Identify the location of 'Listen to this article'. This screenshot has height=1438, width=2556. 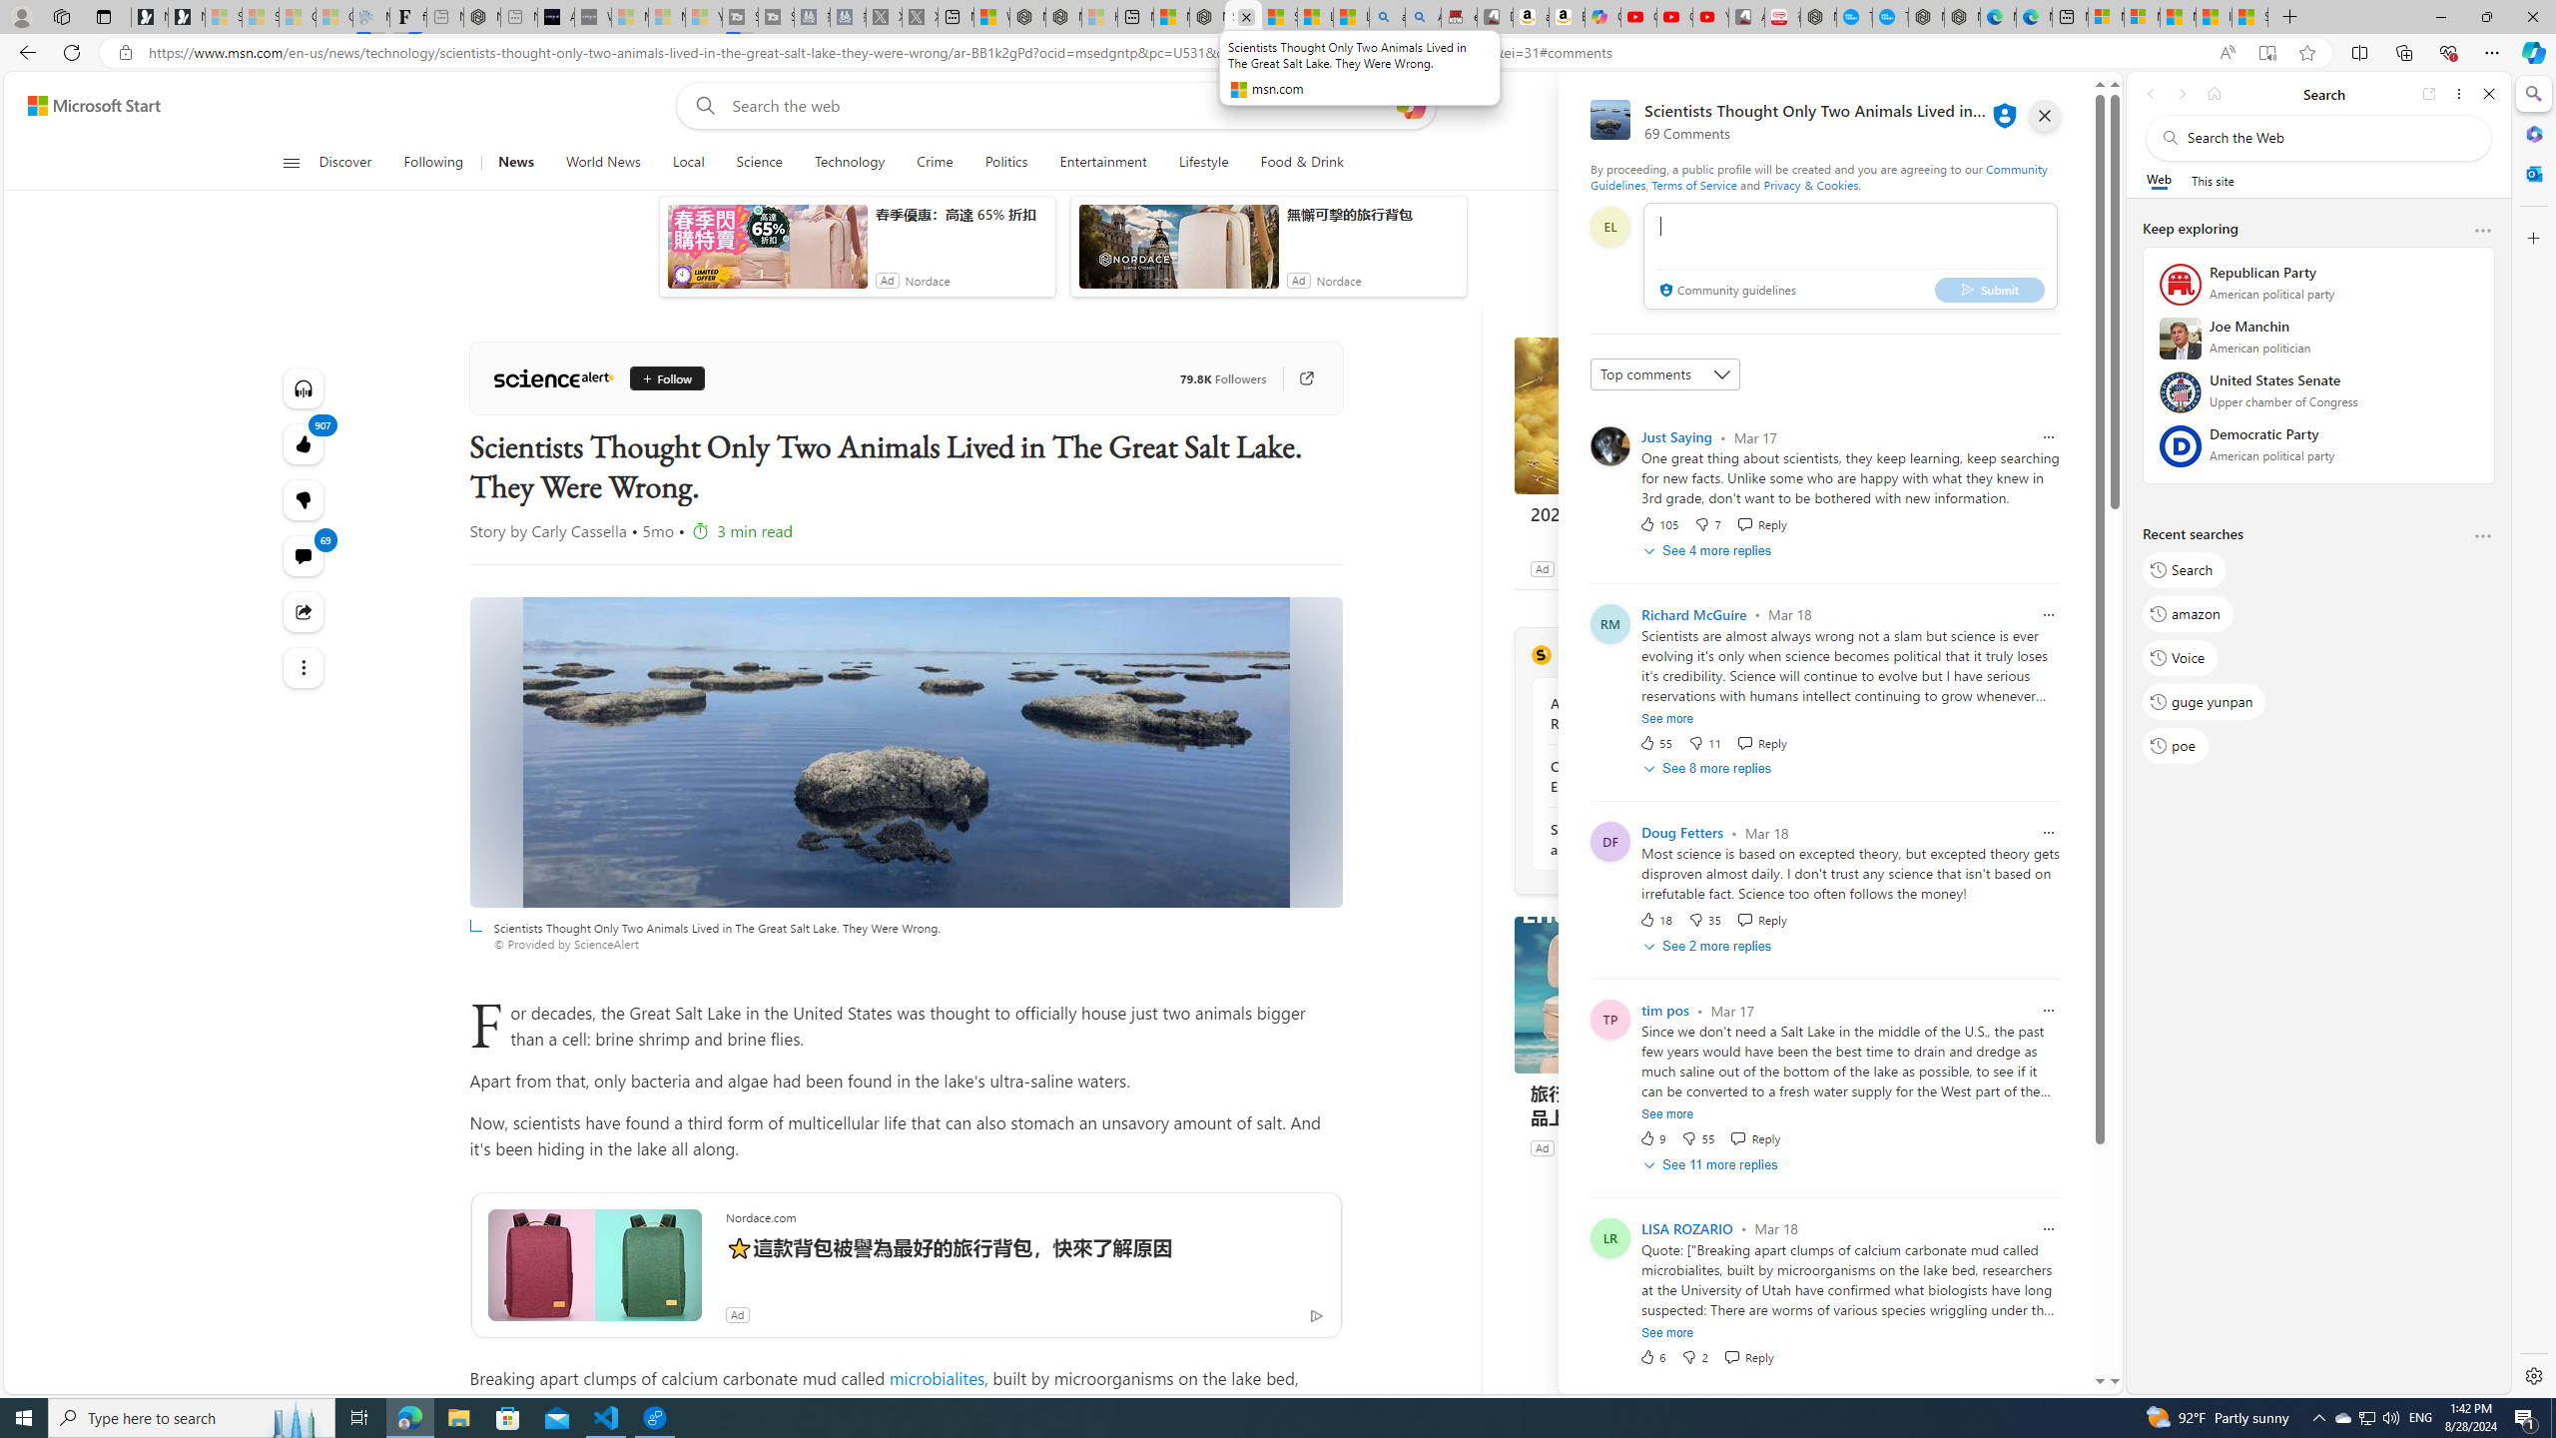
(303, 387).